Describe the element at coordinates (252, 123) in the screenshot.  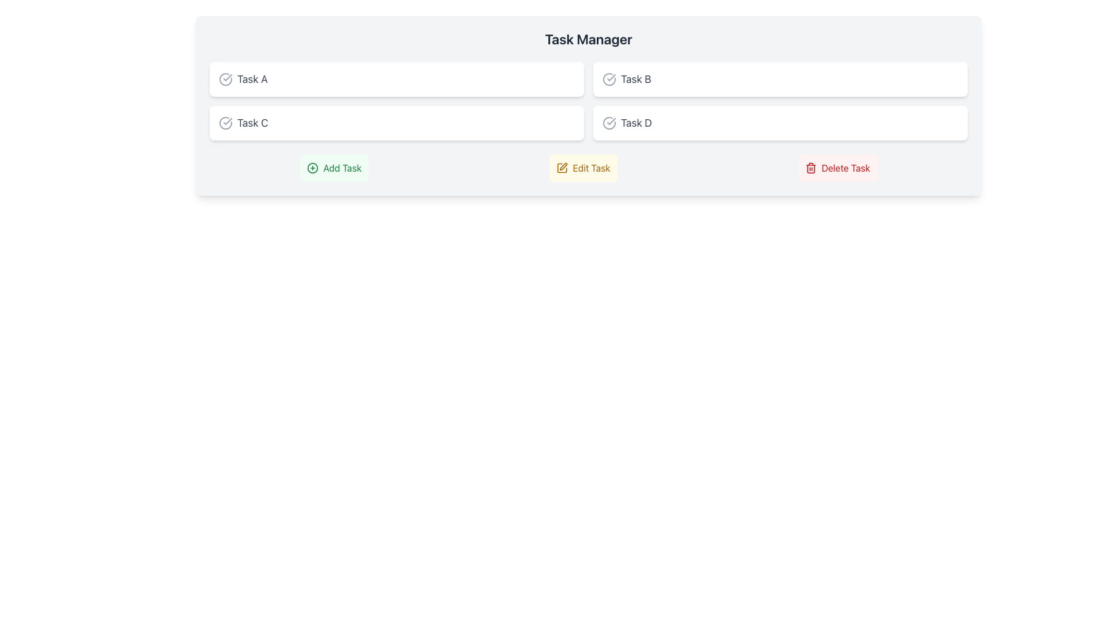
I see `the Text label located in the second card from the top in the left column of a grid layout, which serves as a header for the task details` at that location.